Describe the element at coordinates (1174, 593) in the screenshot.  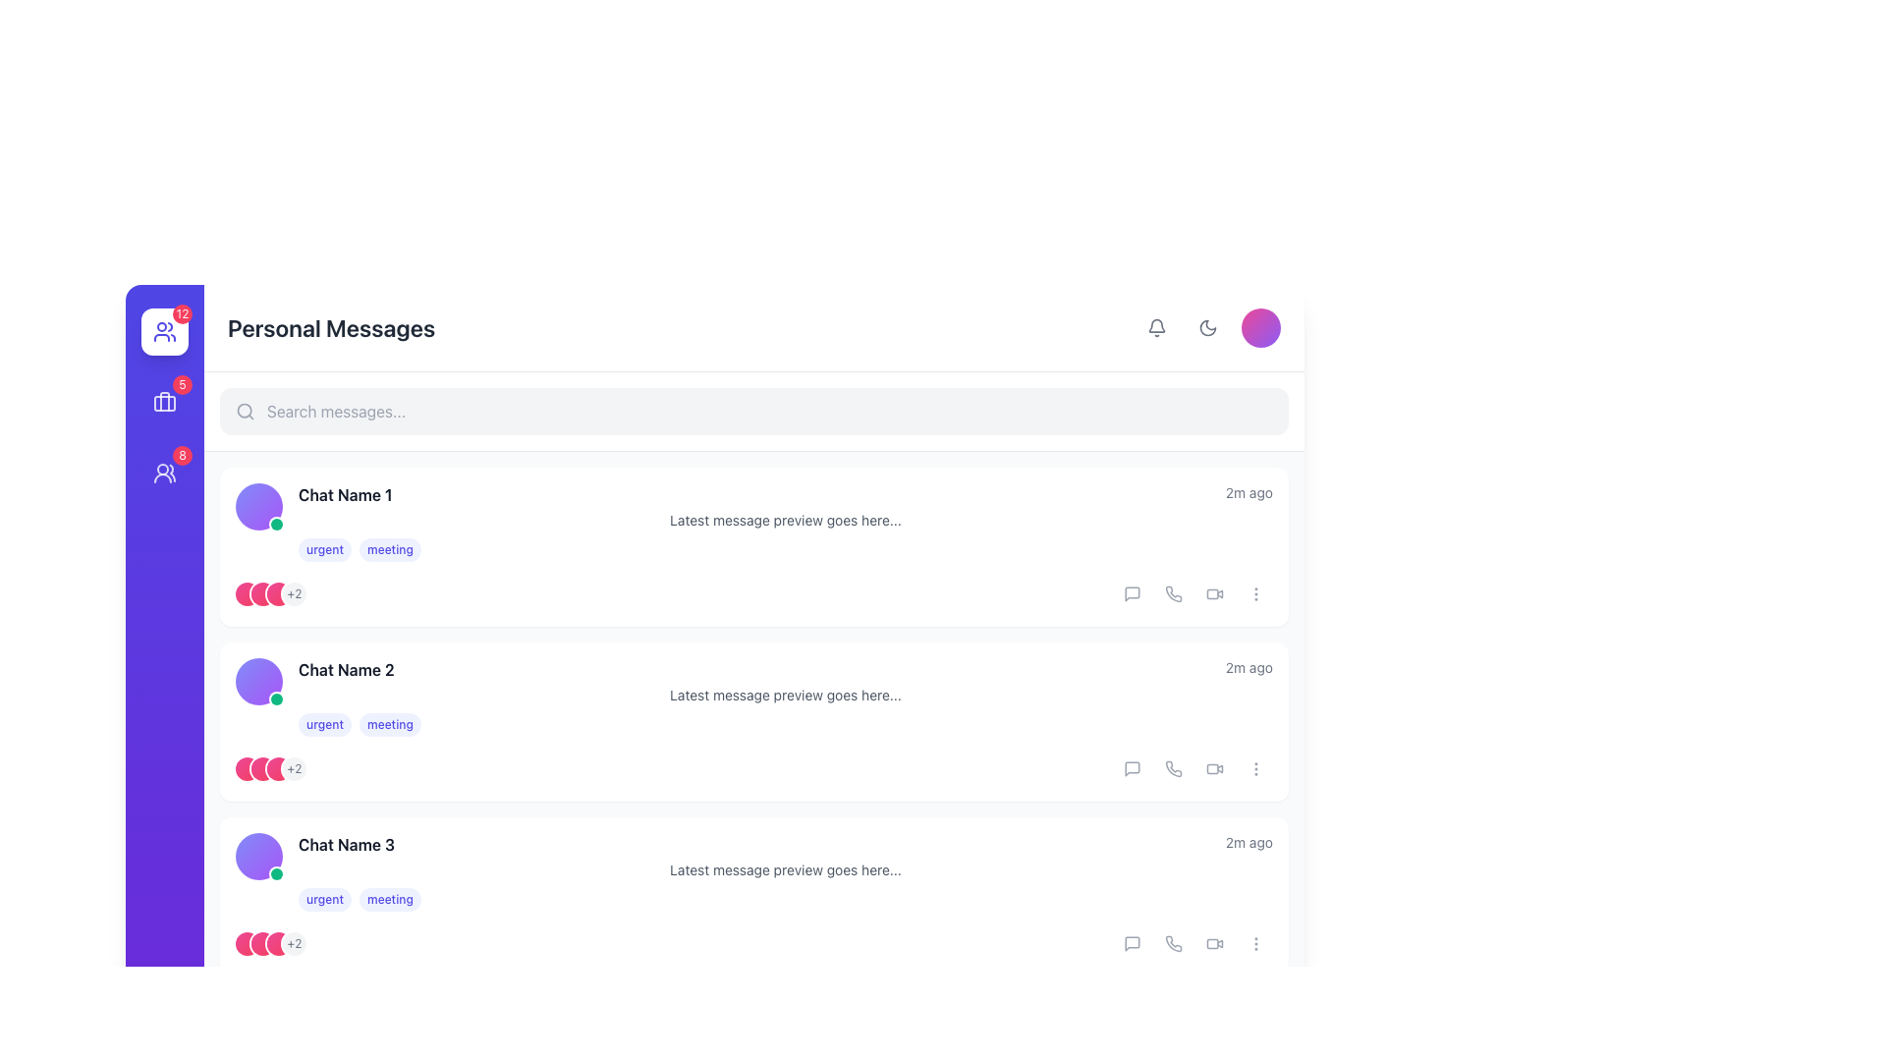
I see `the interactive voice call button, which is the second circular button in a row, located to the right of the speech bubble icon and to the left of the video camera icon` at that location.